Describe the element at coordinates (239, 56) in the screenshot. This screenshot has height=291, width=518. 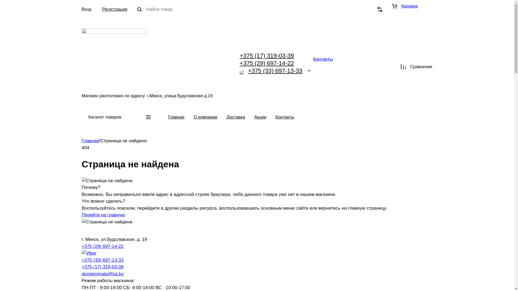
I see `'+375 (17) 319-03-39'` at that location.